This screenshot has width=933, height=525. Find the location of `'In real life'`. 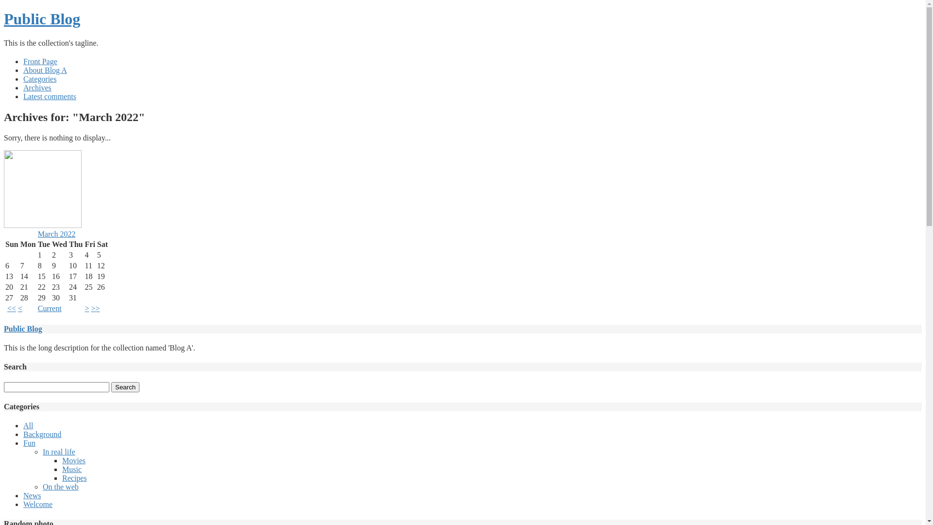

'In real life' is located at coordinates (58, 452).